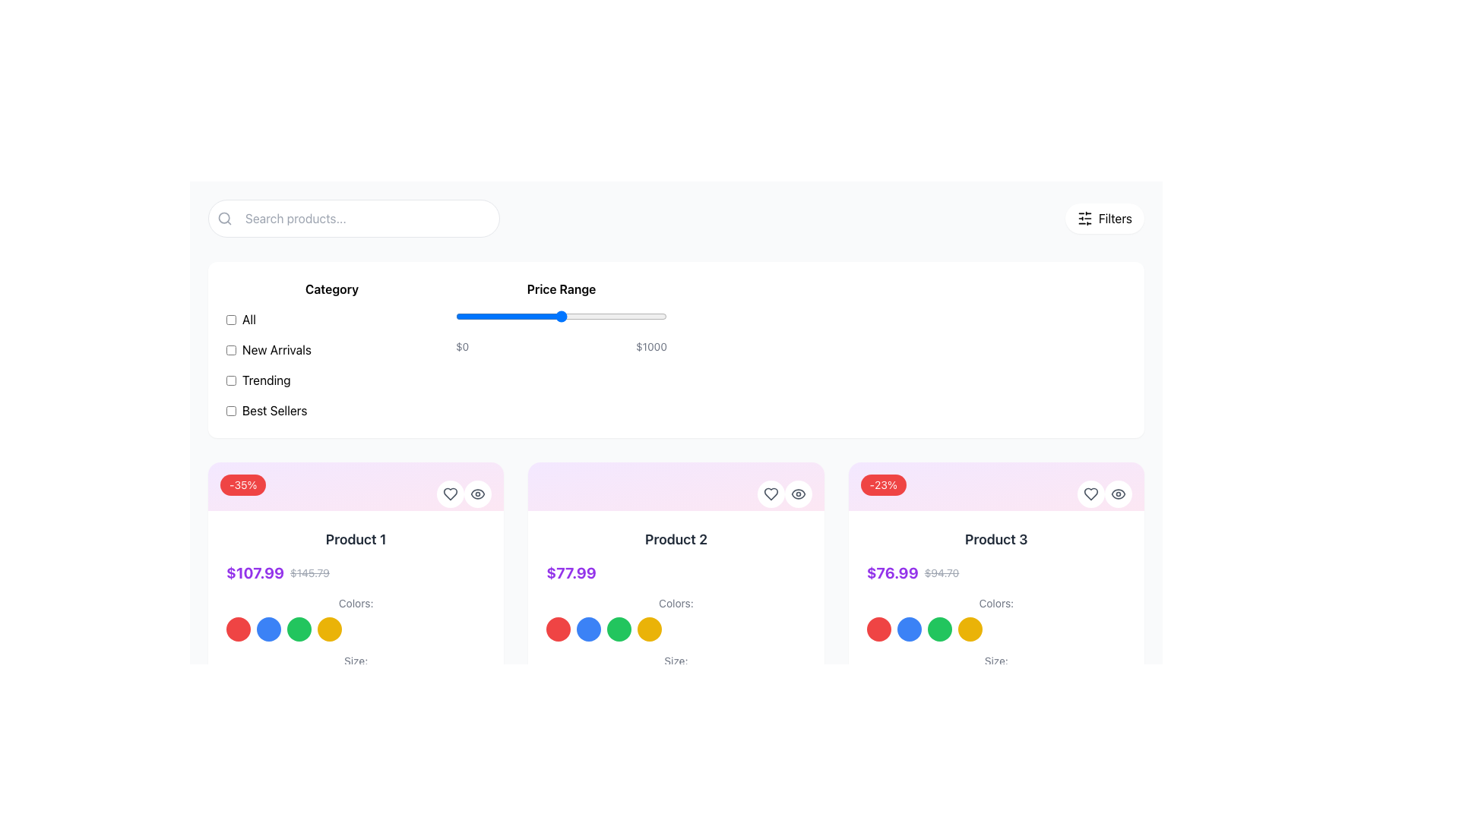  What do you see at coordinates (571, 573) in the screenshot?
I see `price value displayed on the primary price text label located in the middle product card (Product 2), directly under the product title` at bounding box center [571, 573].